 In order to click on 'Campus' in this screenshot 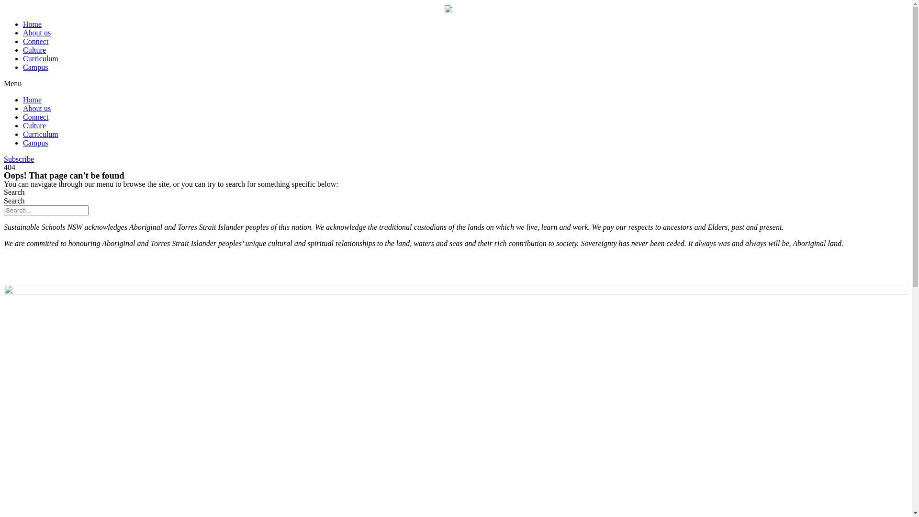, I will do `click(23, 143)`.